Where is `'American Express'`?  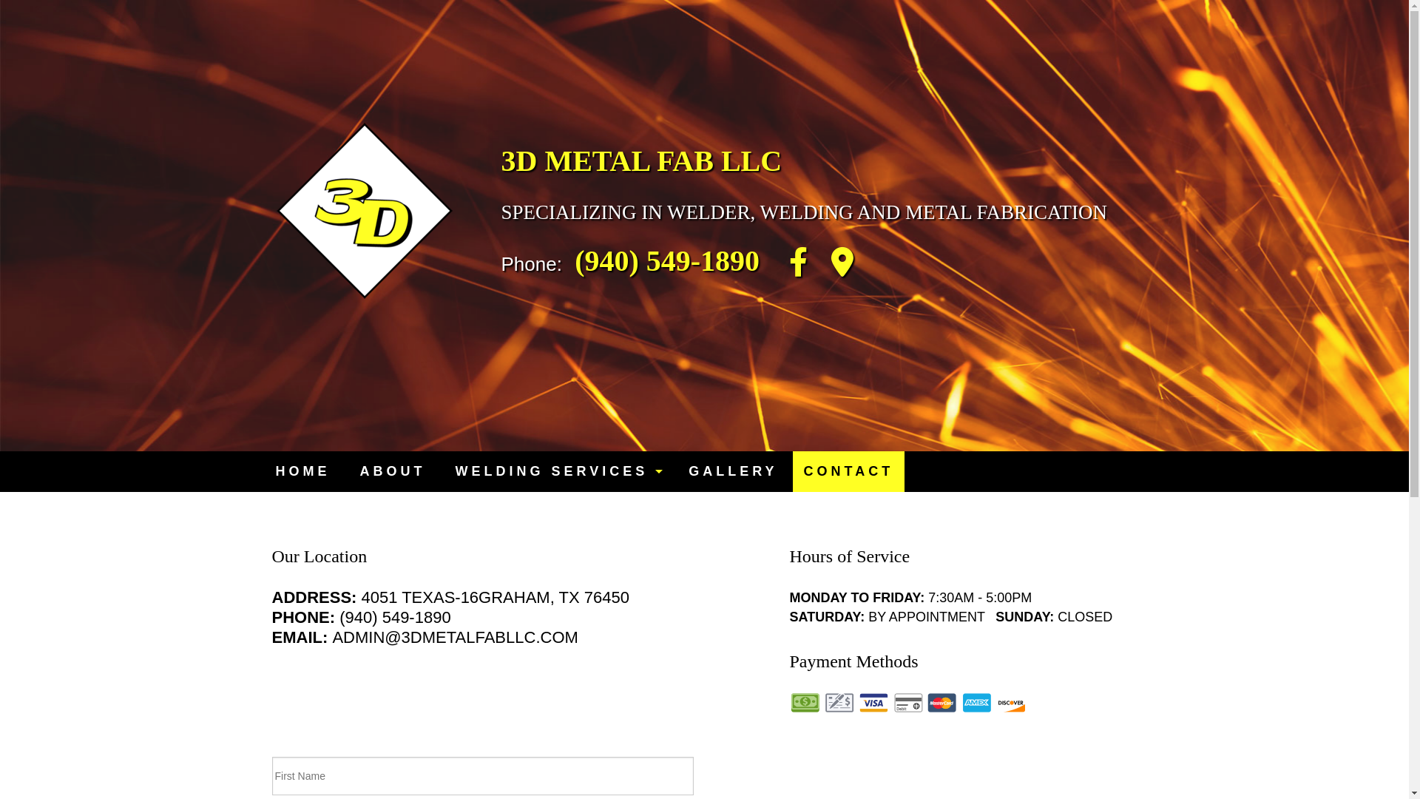
'American Express' is located at coordinates (976, 701).